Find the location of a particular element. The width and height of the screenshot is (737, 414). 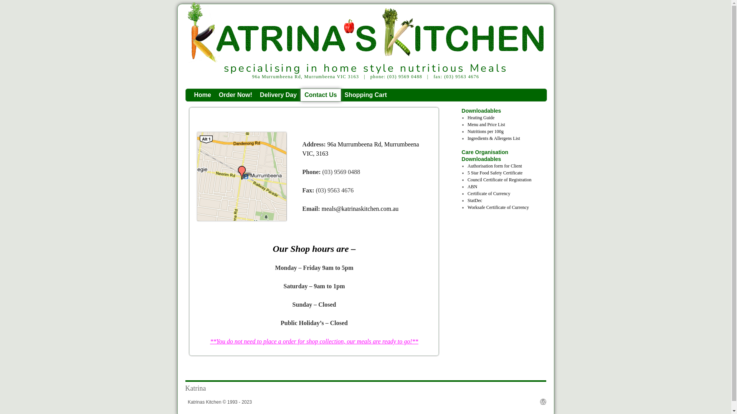

'96a Murrumbeena Rd, Murrumbeena VIC, 3163' is located at coordinates (360, 149).